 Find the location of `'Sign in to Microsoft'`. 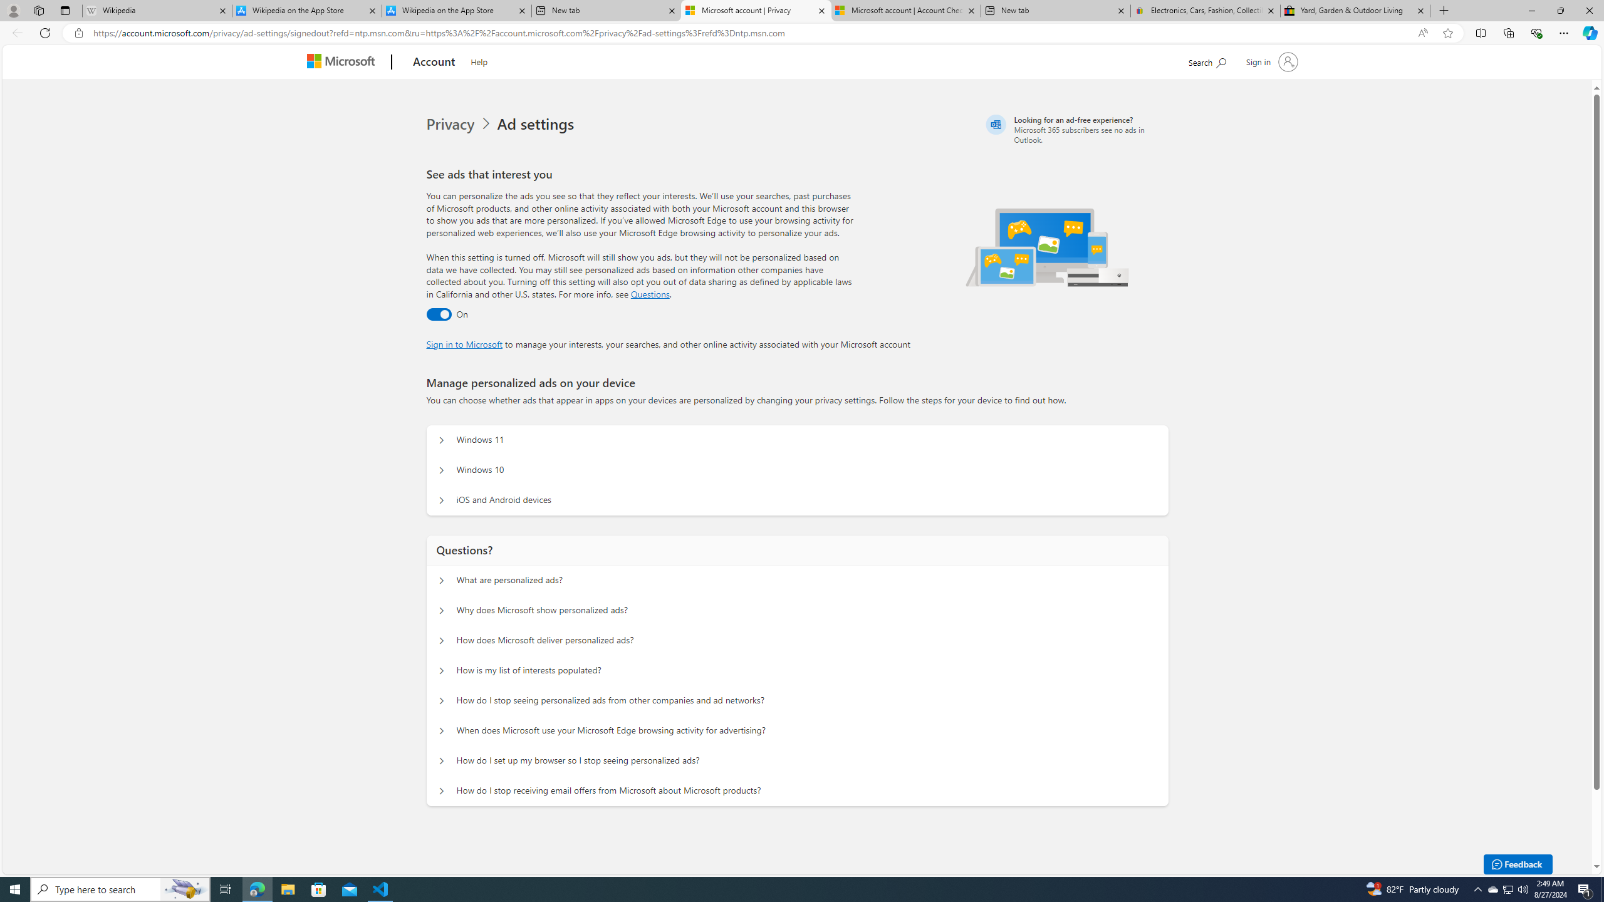

'Sign in to Microsoft' is located at coordinates (464, 343).